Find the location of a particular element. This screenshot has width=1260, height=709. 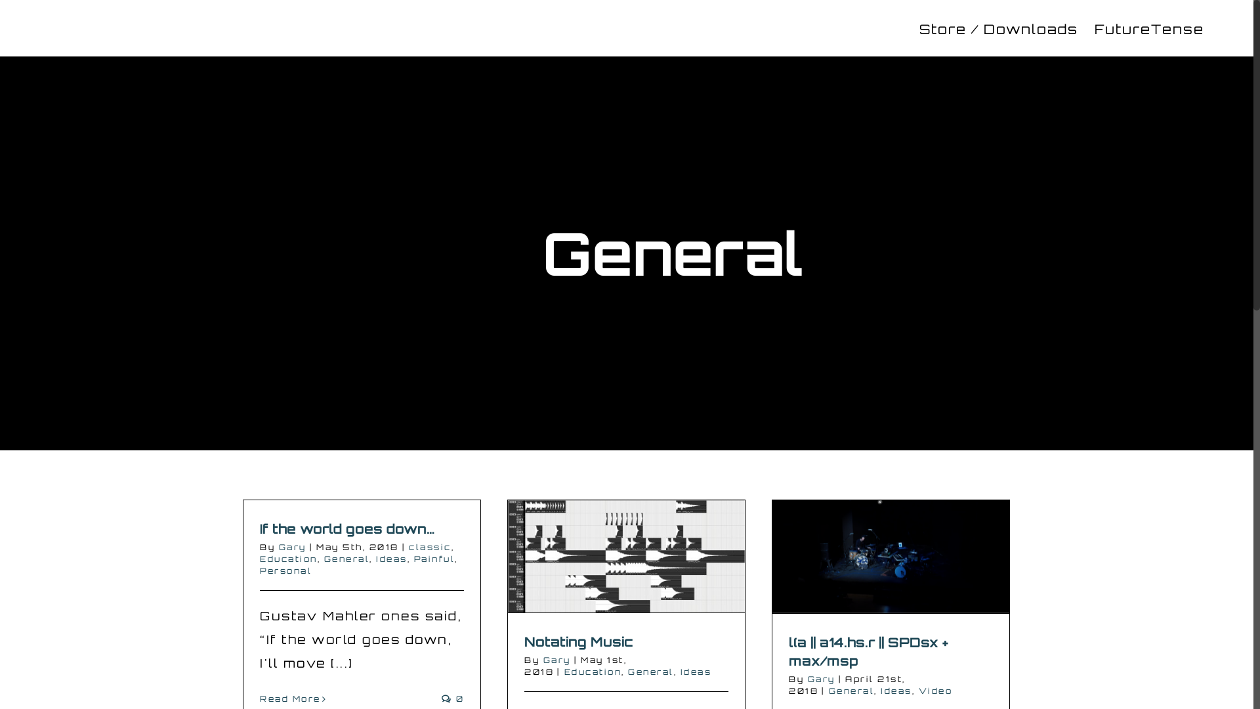

'Read More' is located at coordinates (289, 698).